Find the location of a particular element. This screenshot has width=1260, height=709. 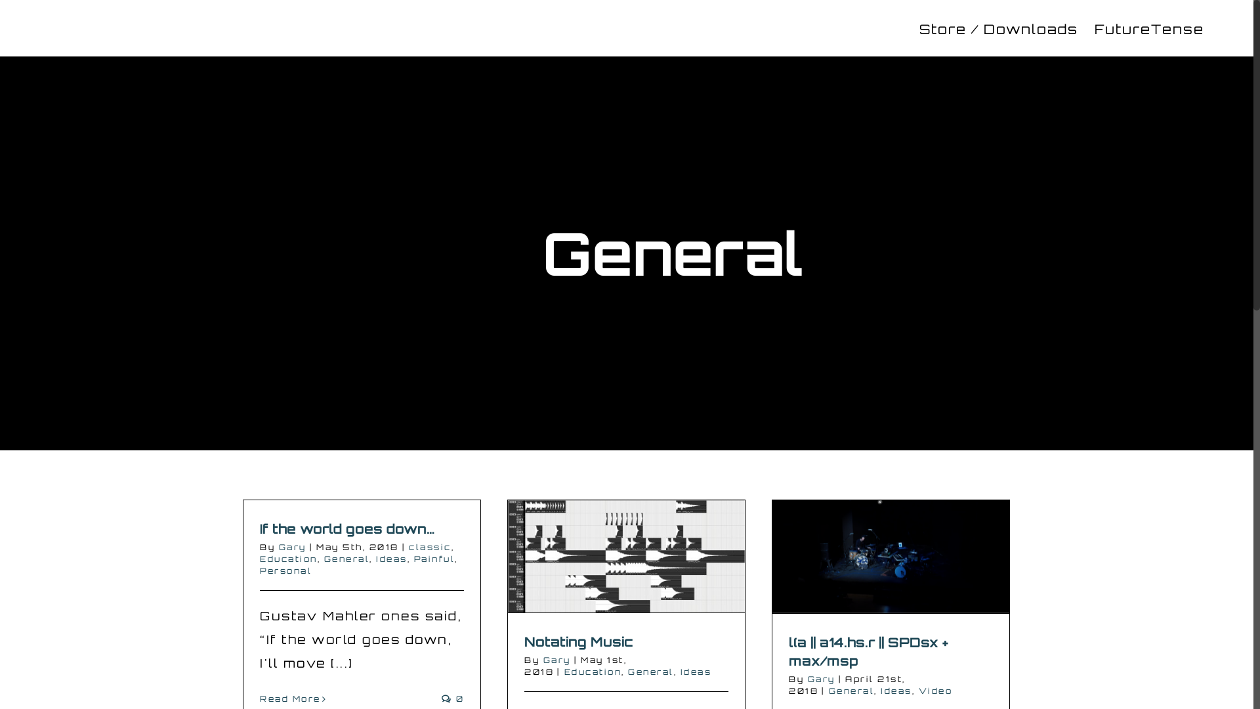

'Read More' is located at coordinates (289, 698).